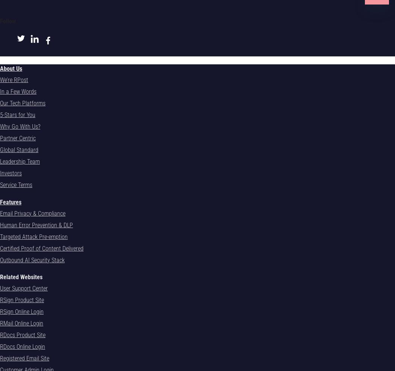 This screenshot has width=395, height=371. Describe the element at coordinates (21, 300) in the screenshot. I see `'RSign Product Site'` at that location.